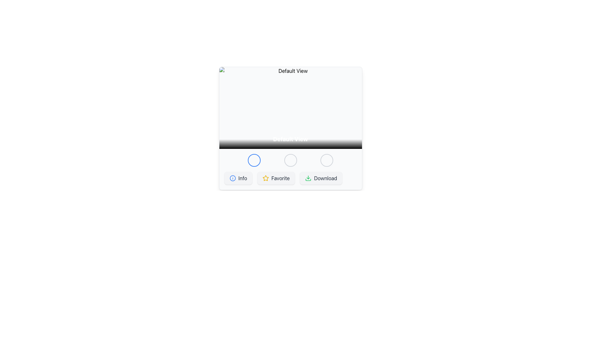 The width and height of the screenshot is (614, 345). What do you see at coordinates (276, 178) in the screenshot?
I see `the second button in a row of three buttons below the main content area` at bounding box center [276, 178].